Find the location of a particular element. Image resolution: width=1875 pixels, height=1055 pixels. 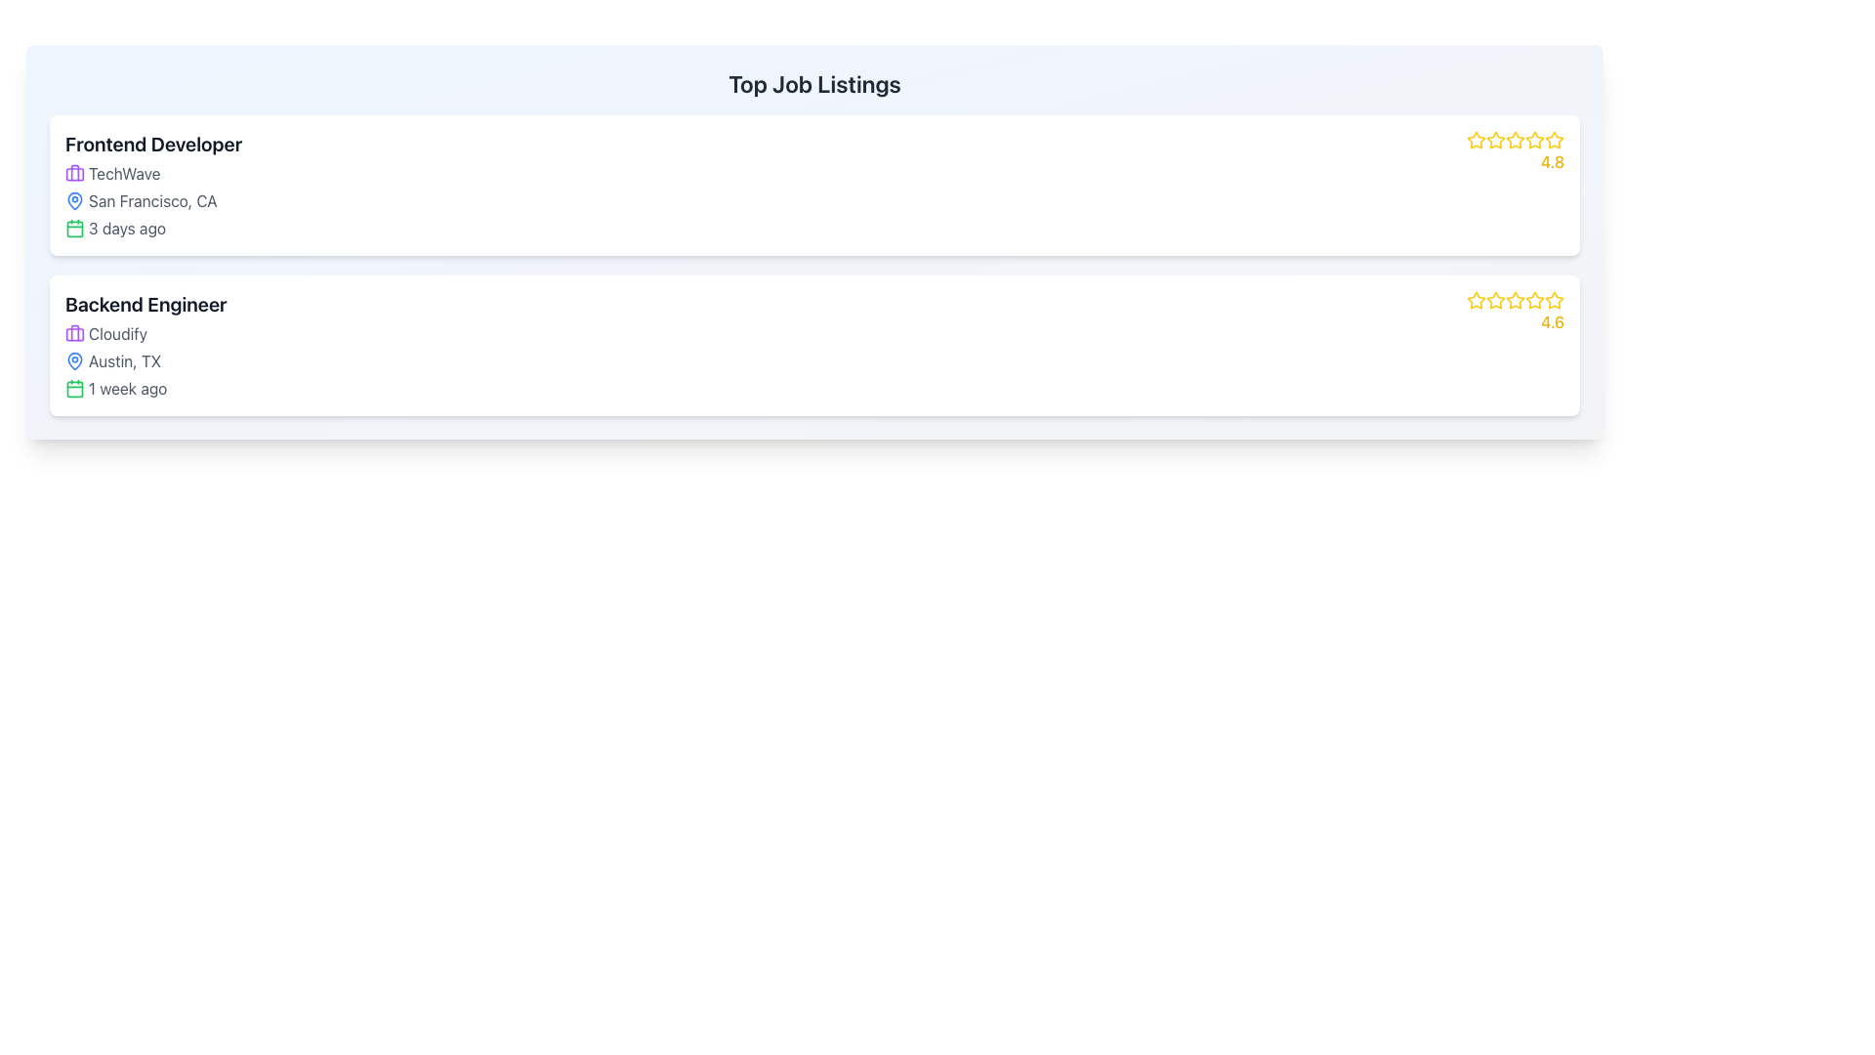

the SVG icon representing the location for the job listing of 'Frontend Developer' in 'San Francisco, CA', located near the top left of the card is located at coordinates (74, 200).